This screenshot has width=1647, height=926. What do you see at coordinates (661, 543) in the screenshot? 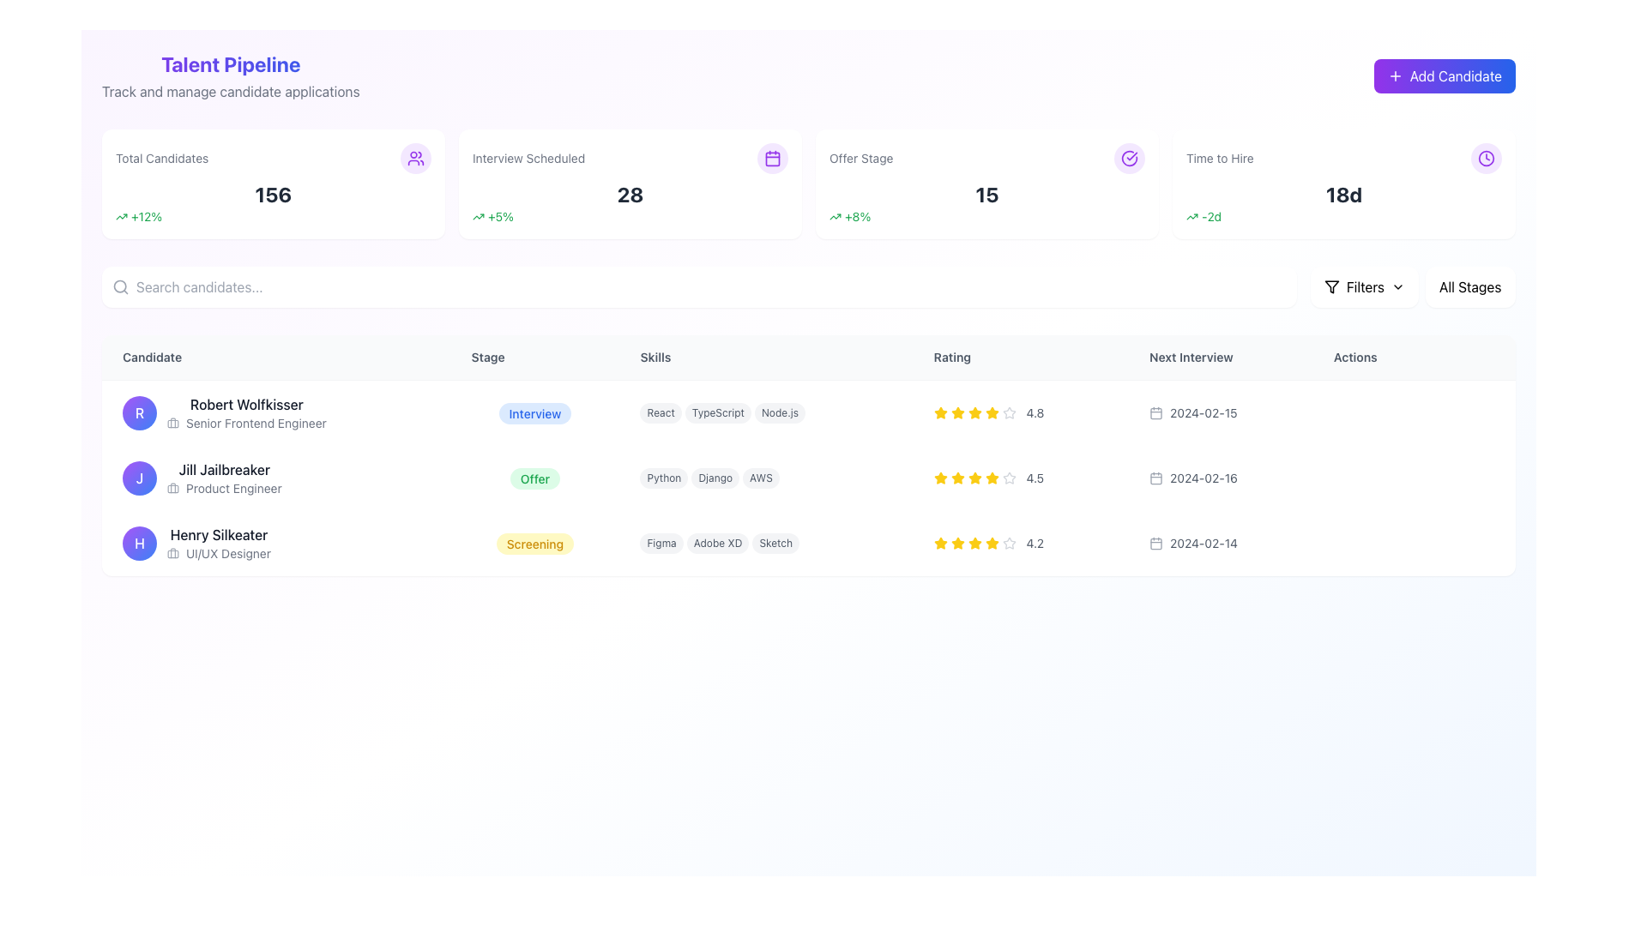
I see `the non-interactive label representing the skill associated with candidate 'Henry Silkeater' located in the 'Skills' column of the table` at bounding box center [661, 543].